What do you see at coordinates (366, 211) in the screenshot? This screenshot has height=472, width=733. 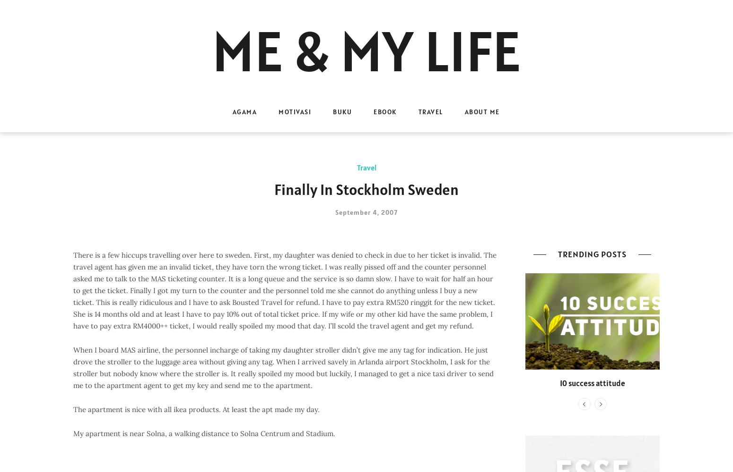 I see `'September 4, 2007'` at bounding box center [366, 211].